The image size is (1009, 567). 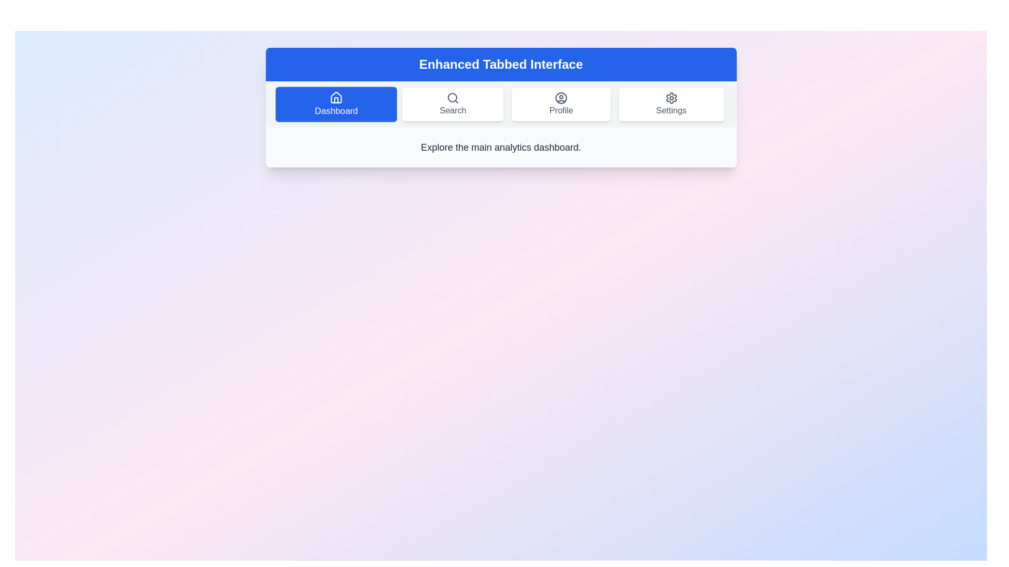 I want to click on the text label indicating 'Settings', which is the fourth item from the left in the navigation bar, so click(x=671, y=111).